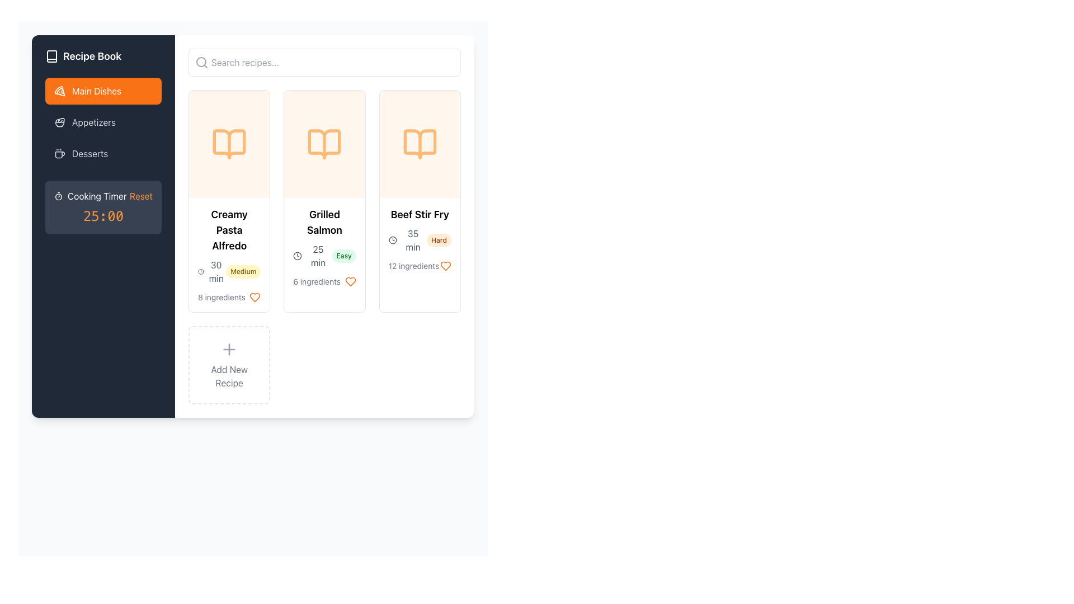  Describe the element at coordinates (312, 256) in the screenshot. I see `the text label indicating the preparation or cooking time for the 'Grilled Salmon' recipe to focus on it` at that location.